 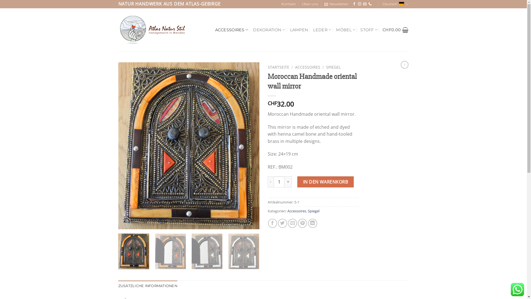 I want to click on 'Kontakt', so click(x=288, y=4).